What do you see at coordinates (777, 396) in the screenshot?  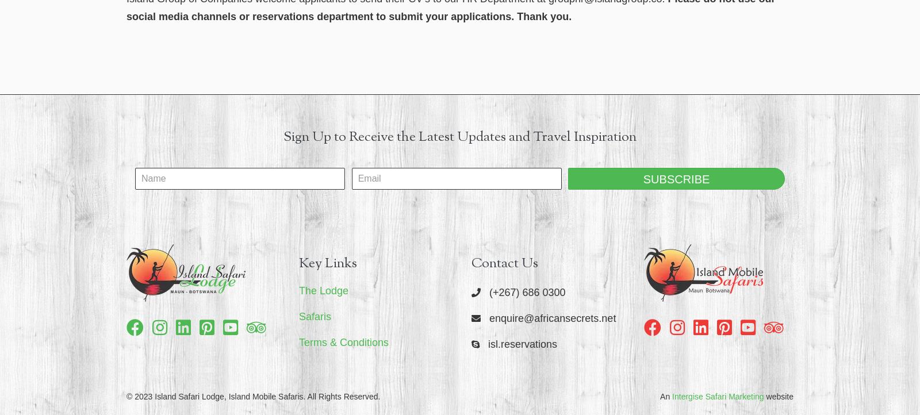 I see `'website'` at bounding box center [777, 396].